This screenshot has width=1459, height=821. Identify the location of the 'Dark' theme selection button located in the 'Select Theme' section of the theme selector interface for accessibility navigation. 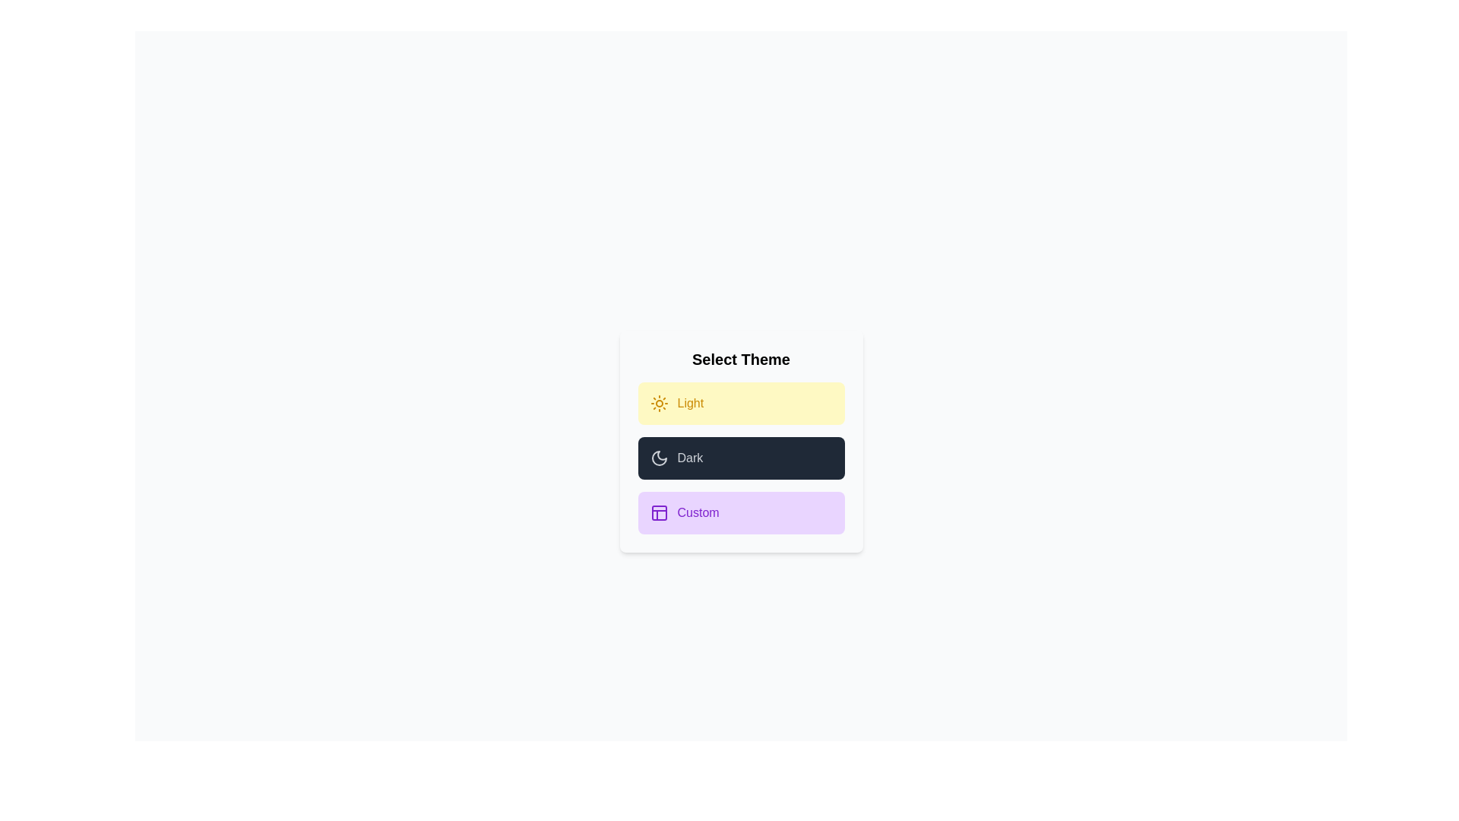
(741, 457).